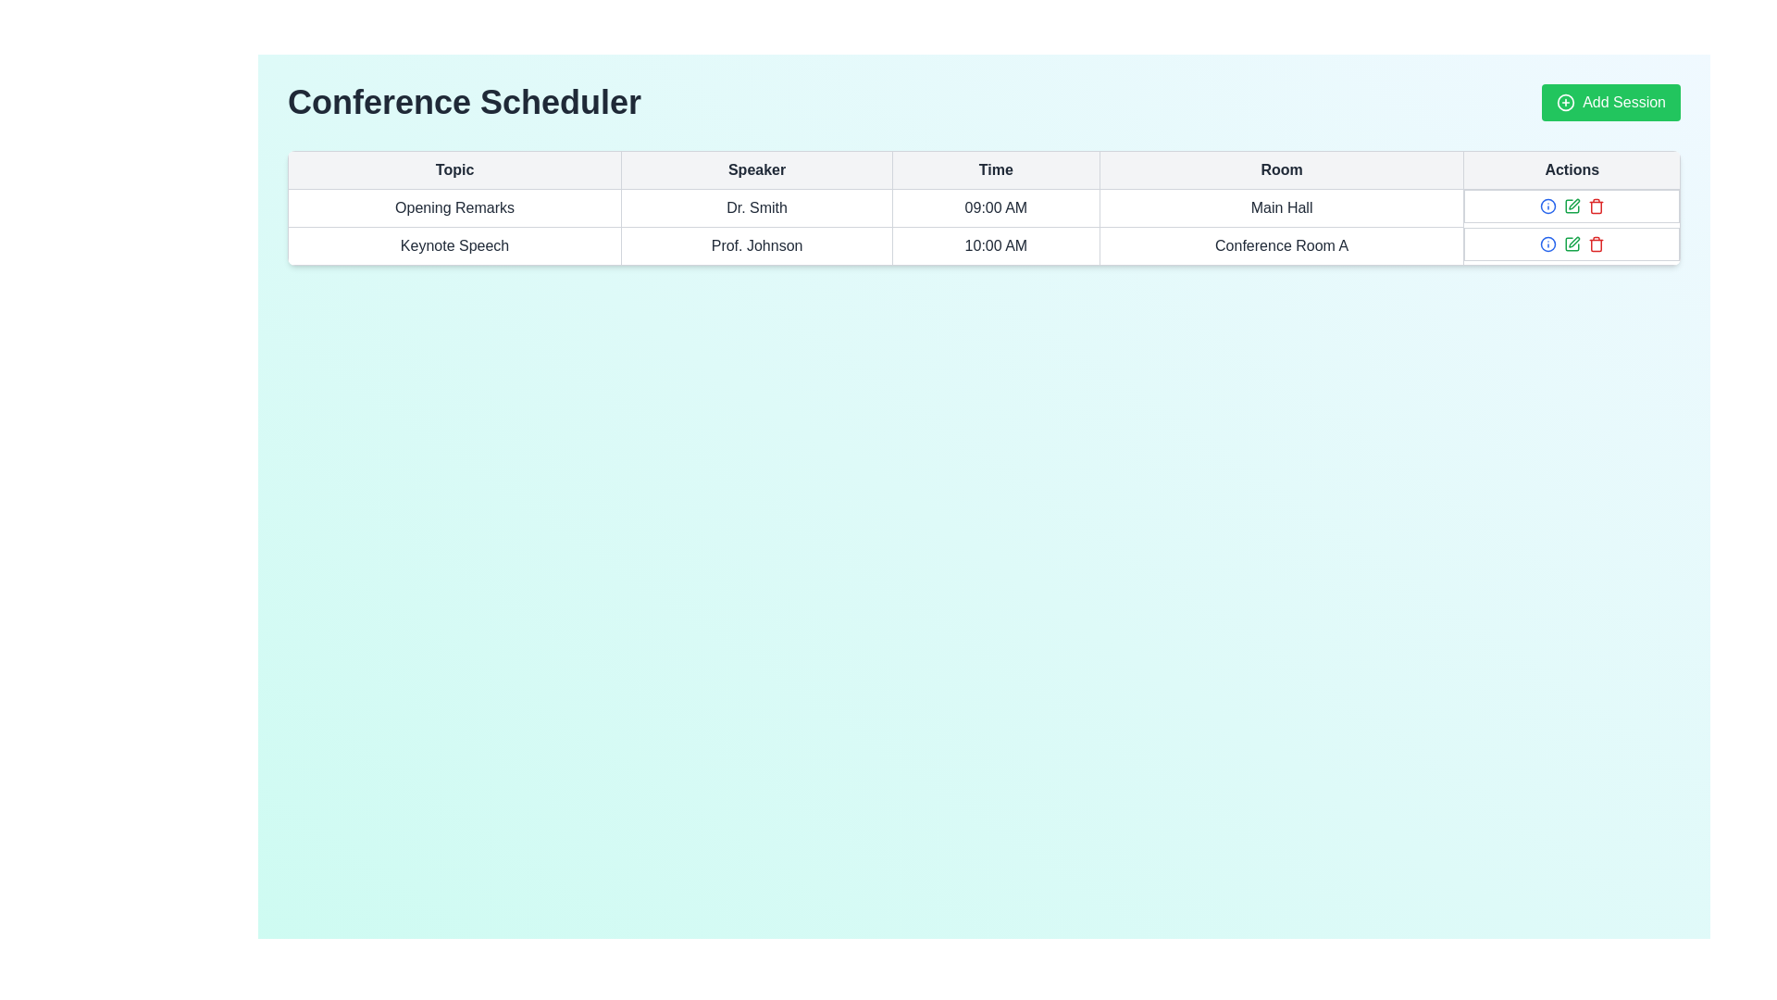 The width and height of the screenshot is (1777, 1000). What do you see at coordinates (454, 170) in the screenshot?
I see `the text cell containing the word 'Topic', which is the first cell in the table header row, styled with a border and padding` at bounding box center [454, 170].